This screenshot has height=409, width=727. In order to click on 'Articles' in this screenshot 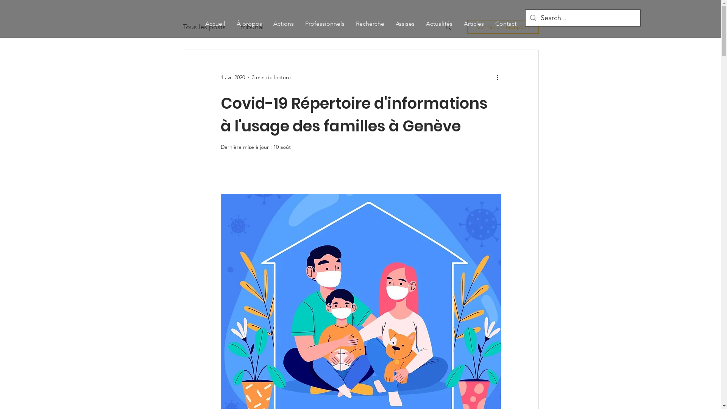, I will do `click(473, 23)`.